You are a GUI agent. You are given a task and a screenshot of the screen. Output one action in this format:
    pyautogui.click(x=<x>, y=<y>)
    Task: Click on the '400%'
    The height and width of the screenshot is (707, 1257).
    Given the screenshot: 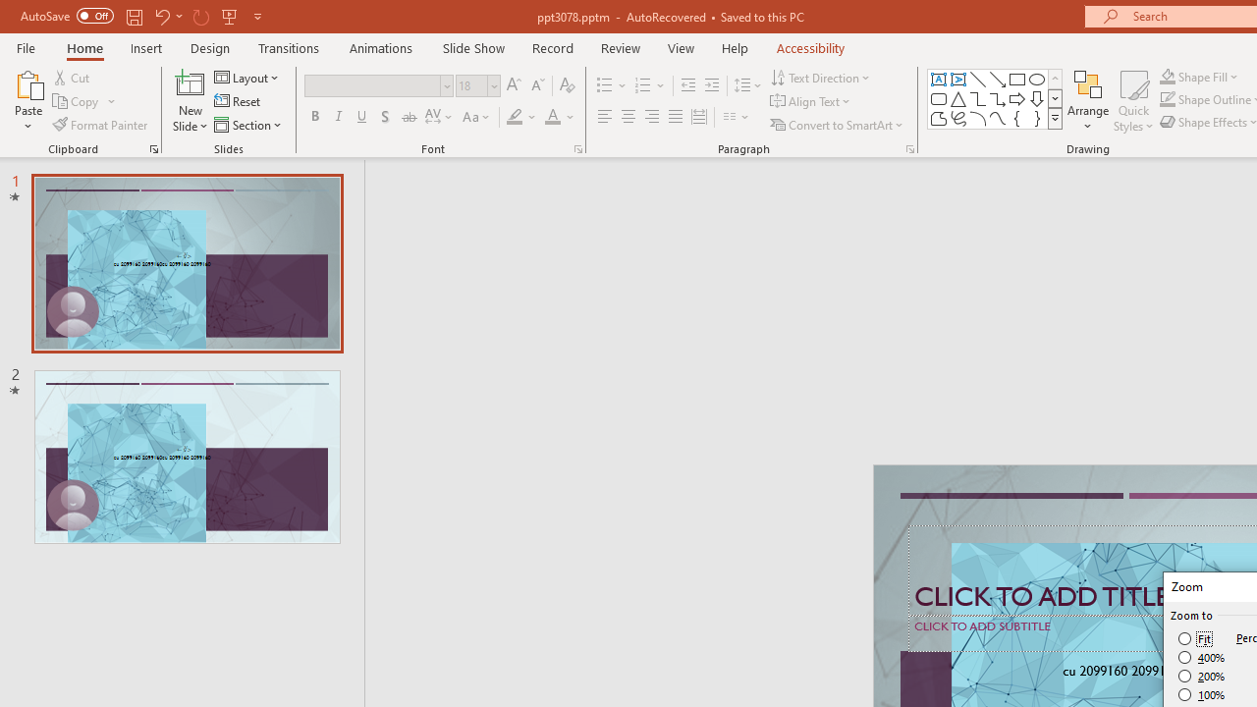 What is the action you would take?
    pyautogui.click(x=1201, y=657)
    